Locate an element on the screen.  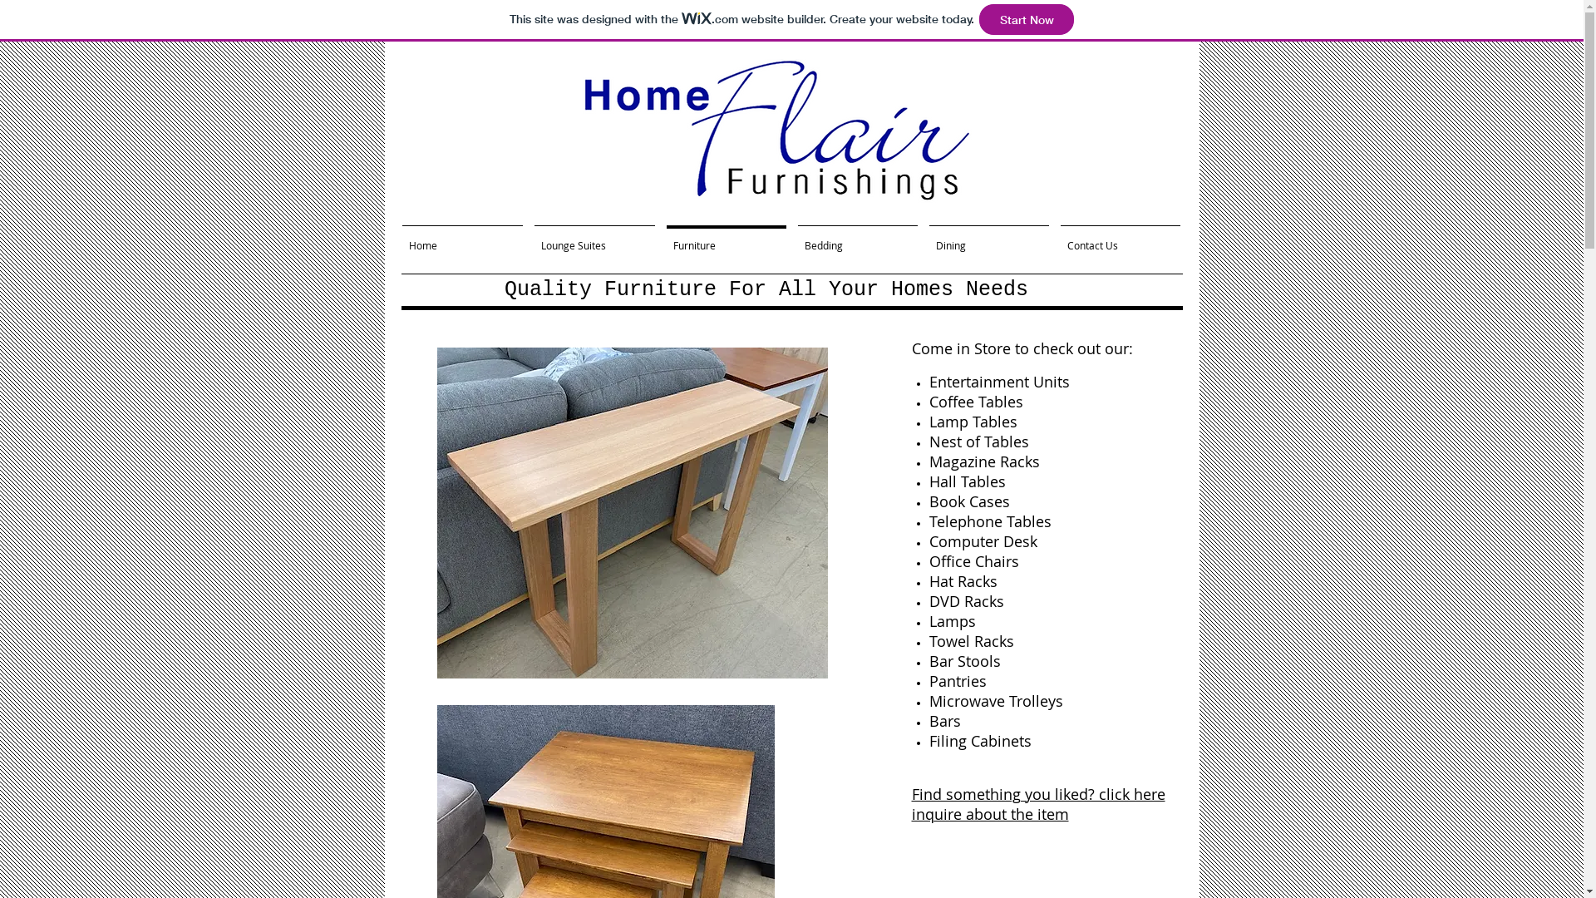
'Lounge Suites' is located at coordinates (594, 237).